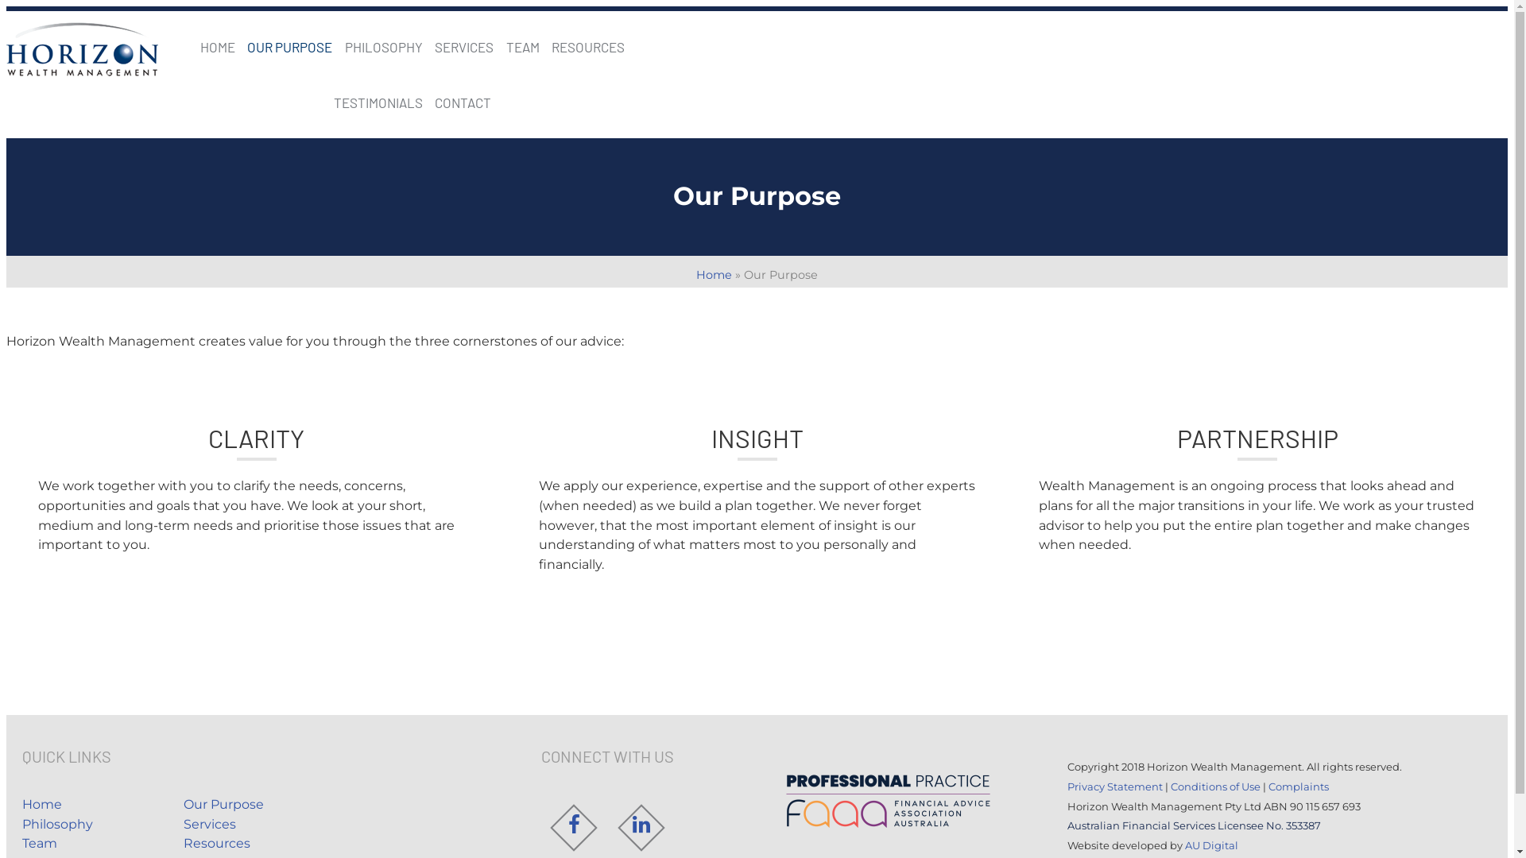  What do you see at coordinates (183, 804) in the screenshot?
I see `'Our Purpose'` at bounding box center [183, 804].